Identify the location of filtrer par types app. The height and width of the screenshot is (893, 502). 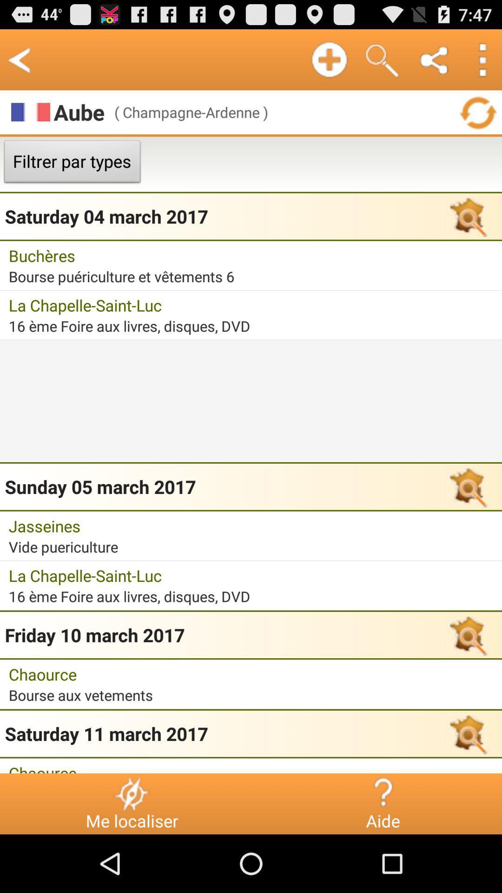
(72, 164).